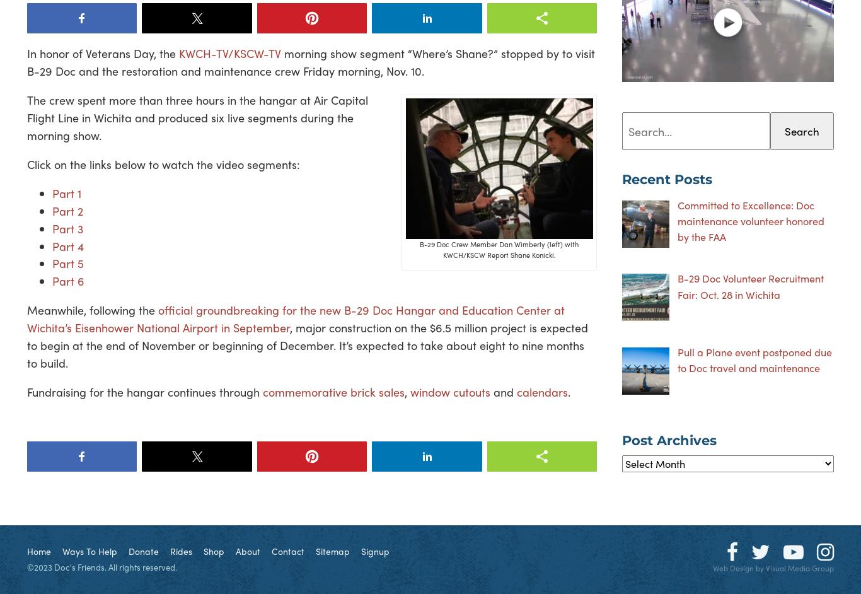 The height and width of the screenshot is (594, 861). What do you see at coordinates (407, 390) in the screenshot?
I see `','` at bounding box center [407, 390].